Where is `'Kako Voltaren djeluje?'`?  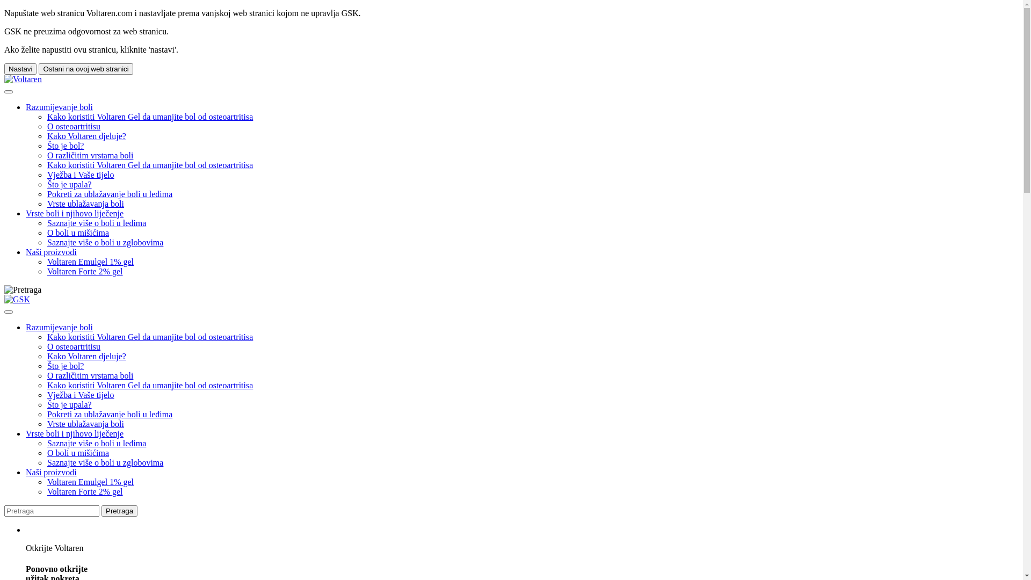
'Kako Voltaren djeluje?' is located at coordinates (86, 135).